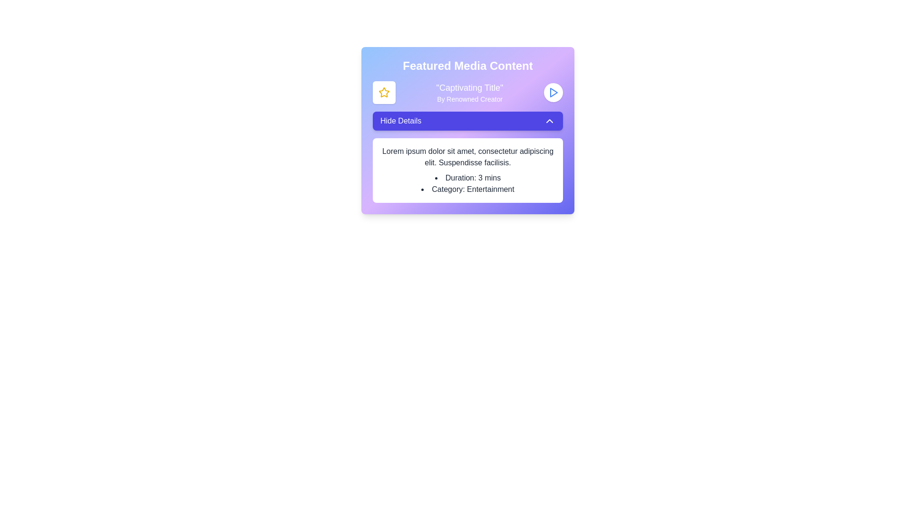  Describe the element at coordinates (553, 93) in the screenshot. I see `the circular button containing the blue outlined play icon` at that location.